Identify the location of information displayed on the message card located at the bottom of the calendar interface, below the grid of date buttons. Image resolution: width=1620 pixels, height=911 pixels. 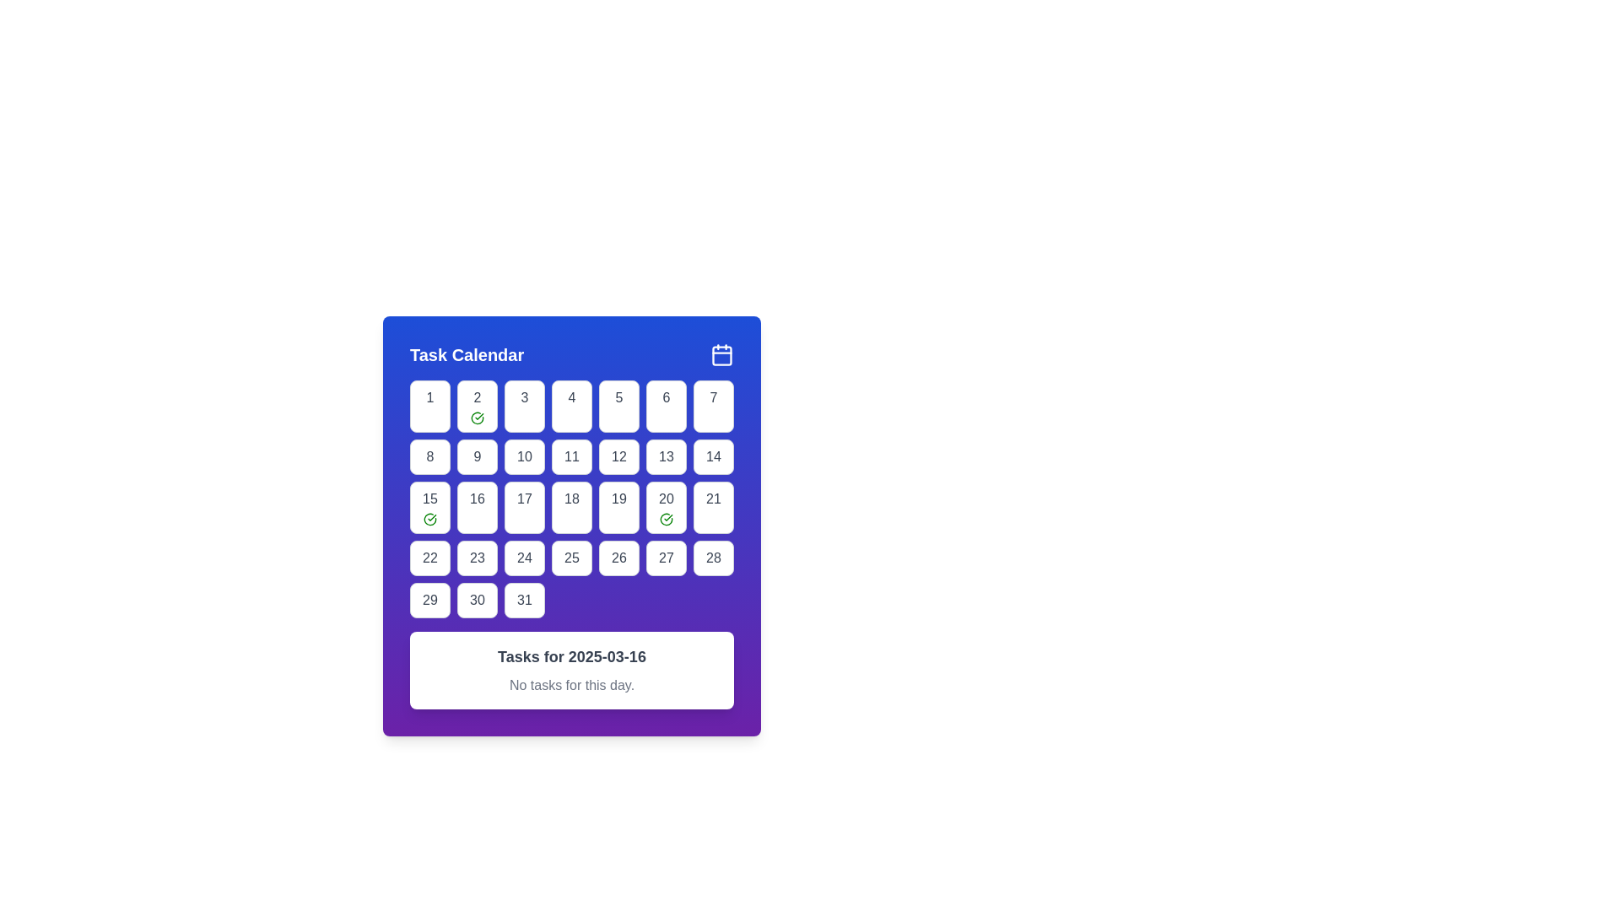
(571, 669).